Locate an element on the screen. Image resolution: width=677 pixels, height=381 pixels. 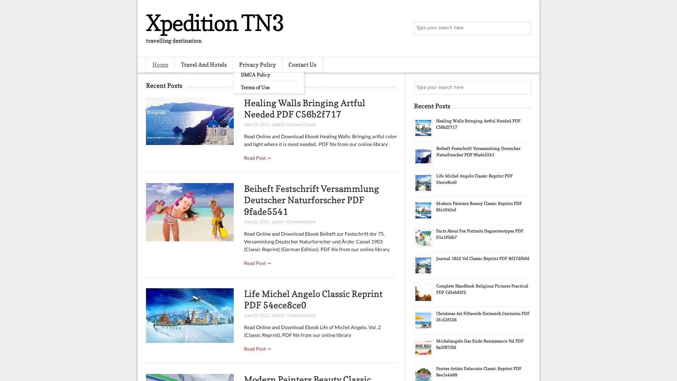
Search is located at coordinates (524, 87).